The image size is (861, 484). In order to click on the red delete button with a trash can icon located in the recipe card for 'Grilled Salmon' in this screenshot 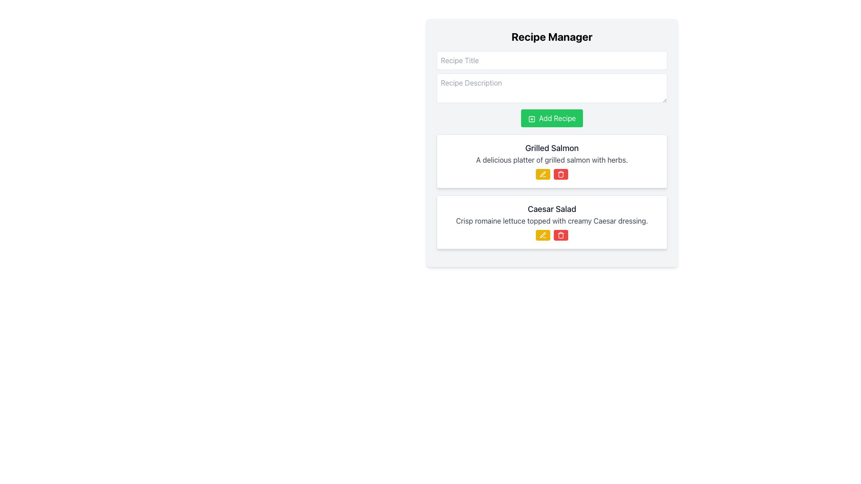, I will do `click(561, 174)`.